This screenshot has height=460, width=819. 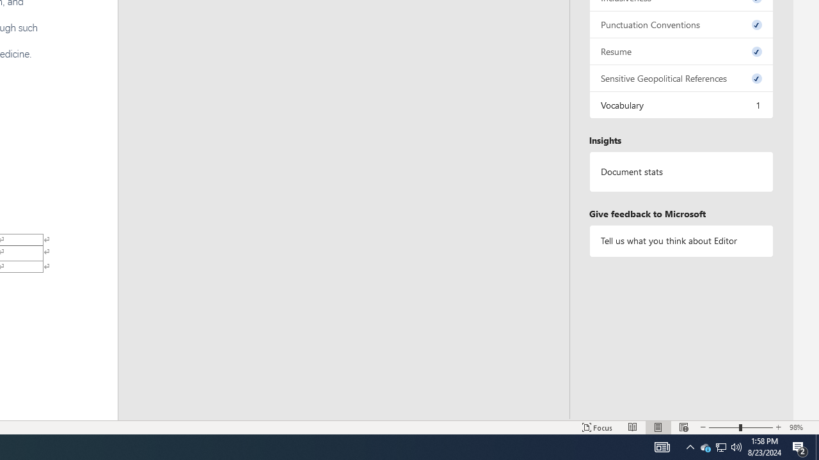 What do you see at coordinates (680, 50) in the screenshot?
I see `'Resume, 0 issues. Press space or enter to review items.'` at bounding box center [680, 50].